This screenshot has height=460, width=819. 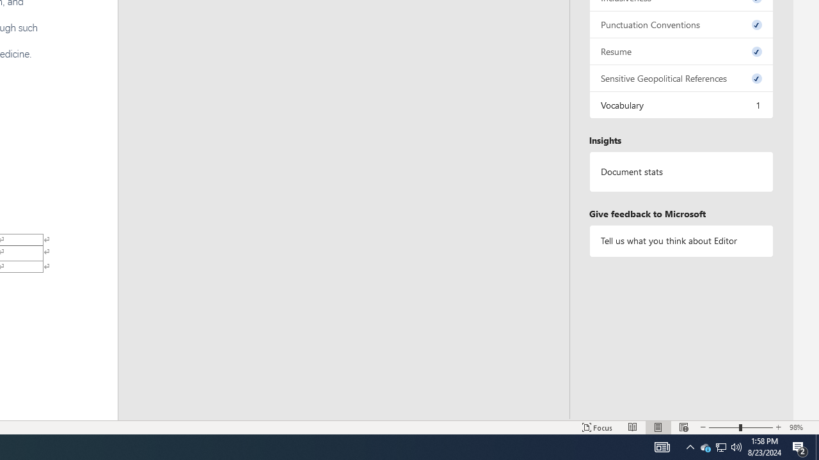 What do you see at coordinates (680, 50) in the screenshot?
I see `'Resume, 0 issues. Press space or enter to review items.'` at bounding box center [680, 50].